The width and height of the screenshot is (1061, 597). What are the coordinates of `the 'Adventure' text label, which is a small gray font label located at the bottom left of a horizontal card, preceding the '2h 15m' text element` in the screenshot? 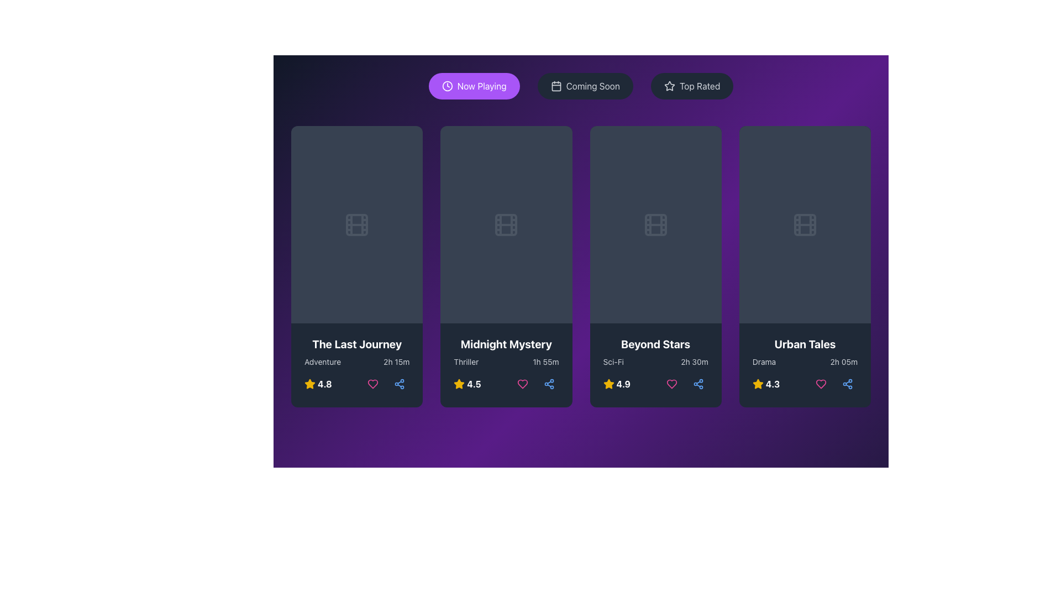 It's located at (322, 362).